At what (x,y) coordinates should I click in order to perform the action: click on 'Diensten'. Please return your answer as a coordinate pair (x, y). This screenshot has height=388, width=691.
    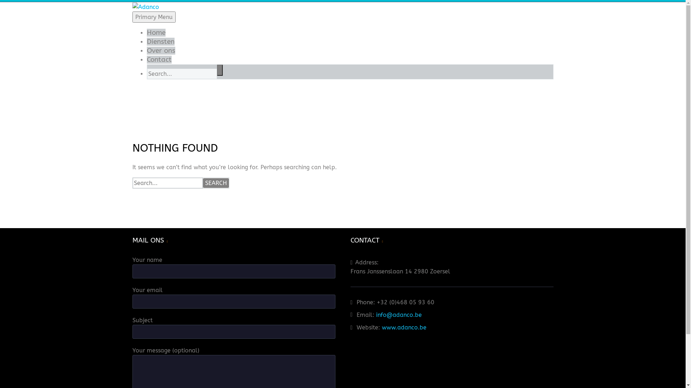
    Looking at the image, I should click on (160, 41).